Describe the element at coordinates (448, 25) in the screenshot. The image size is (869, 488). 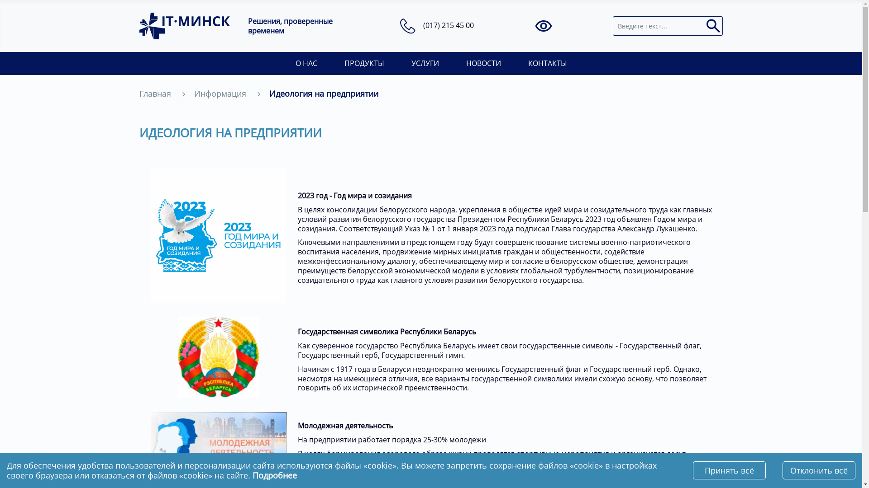
I see `'(017) 215 45 00'` at that location.